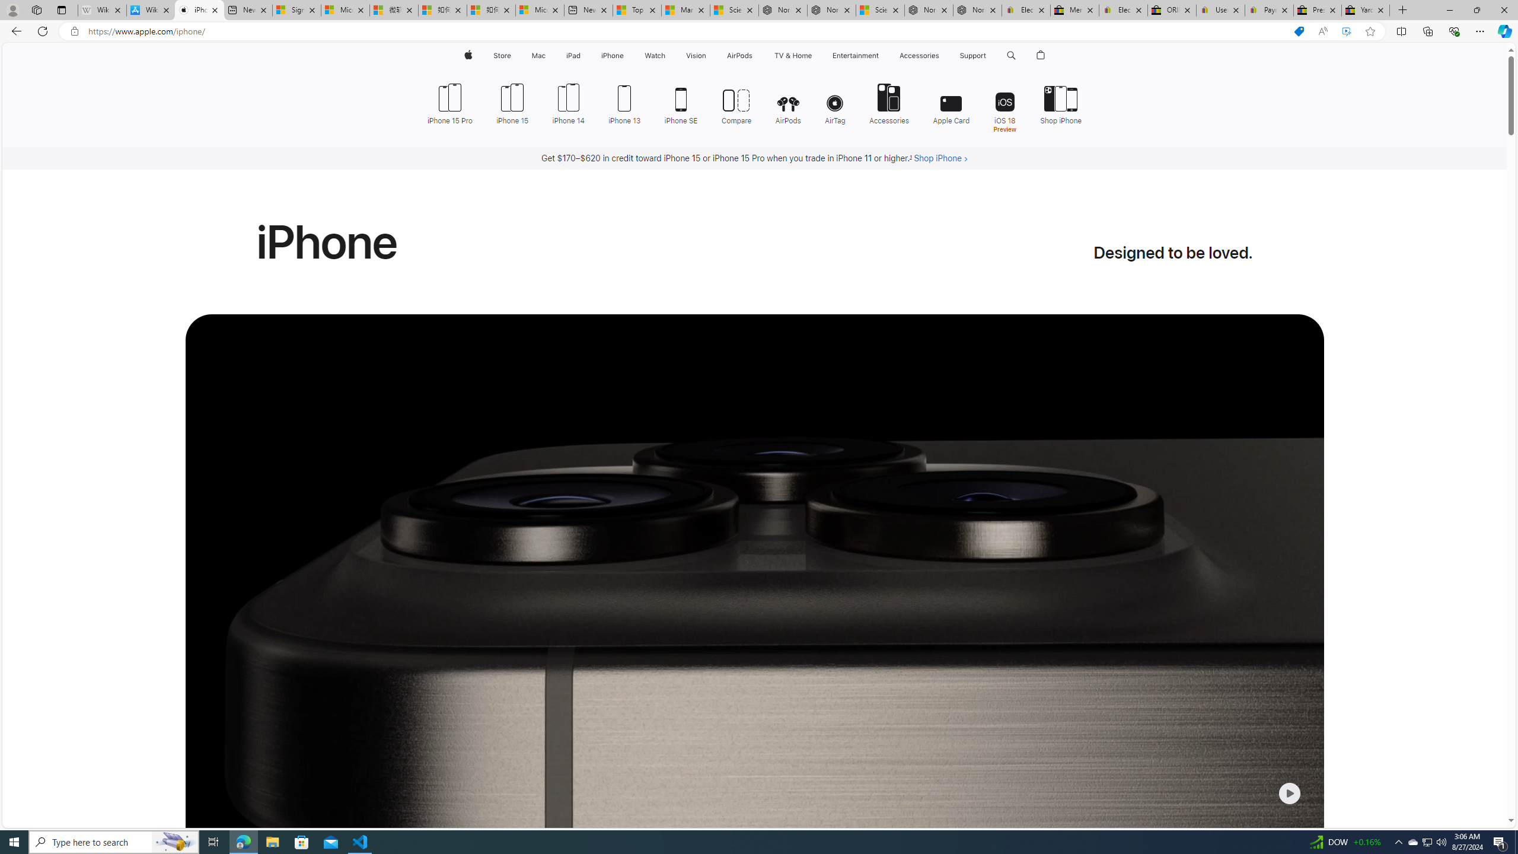 This screenshot has width=1518, height=854. What do you see at coordinates (972, 55) in the screenshot?
I see `'Support'` at bounding box center [972, 55].